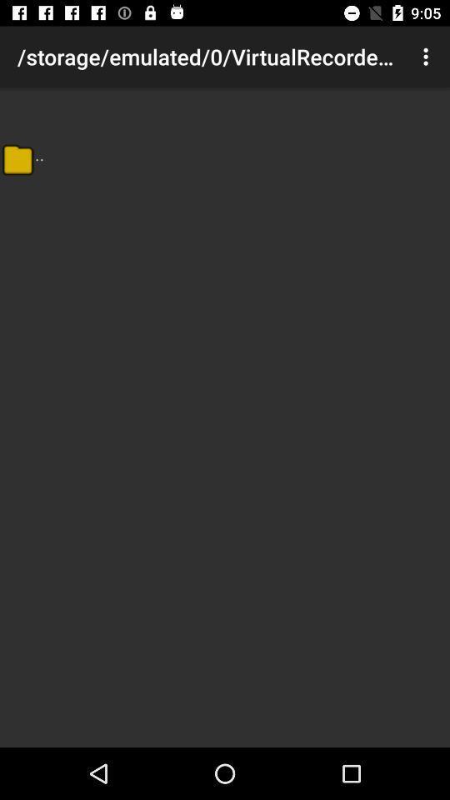  I want to click on item next to the .. app, so click(17, 159).